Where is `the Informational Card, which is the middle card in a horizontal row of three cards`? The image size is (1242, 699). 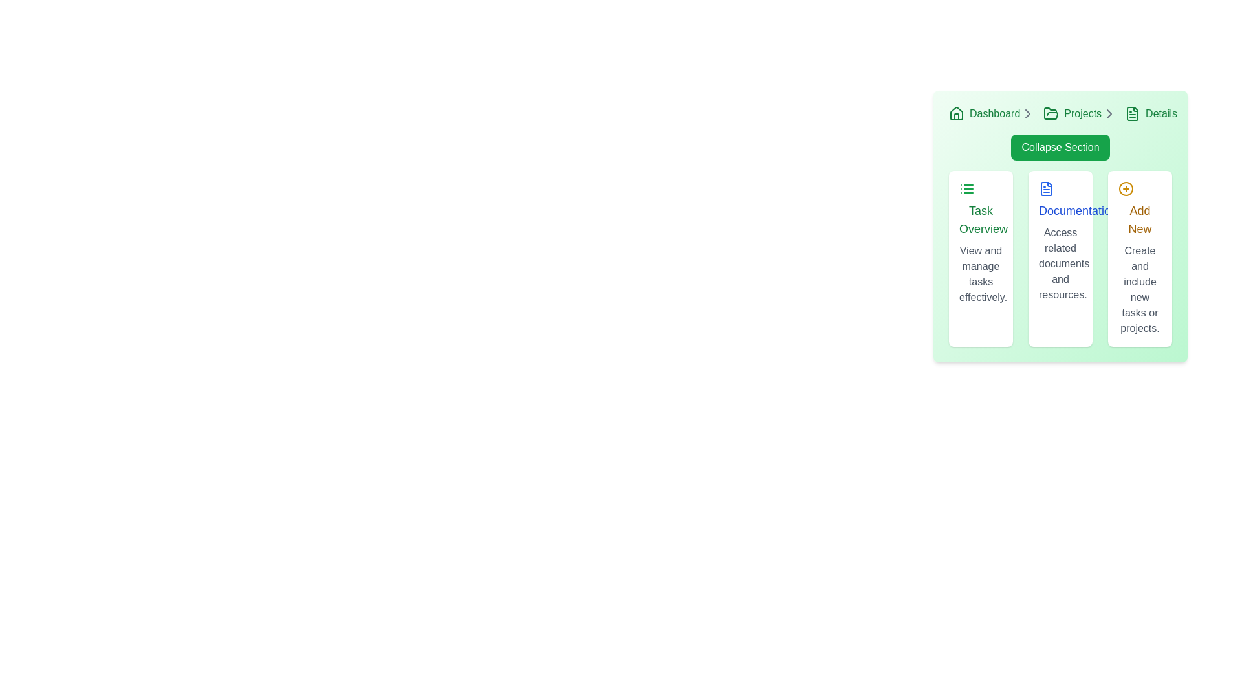
the Informational Card, which is the middle card in a horizontal row of three cards is located at coordinates (1060, 259).